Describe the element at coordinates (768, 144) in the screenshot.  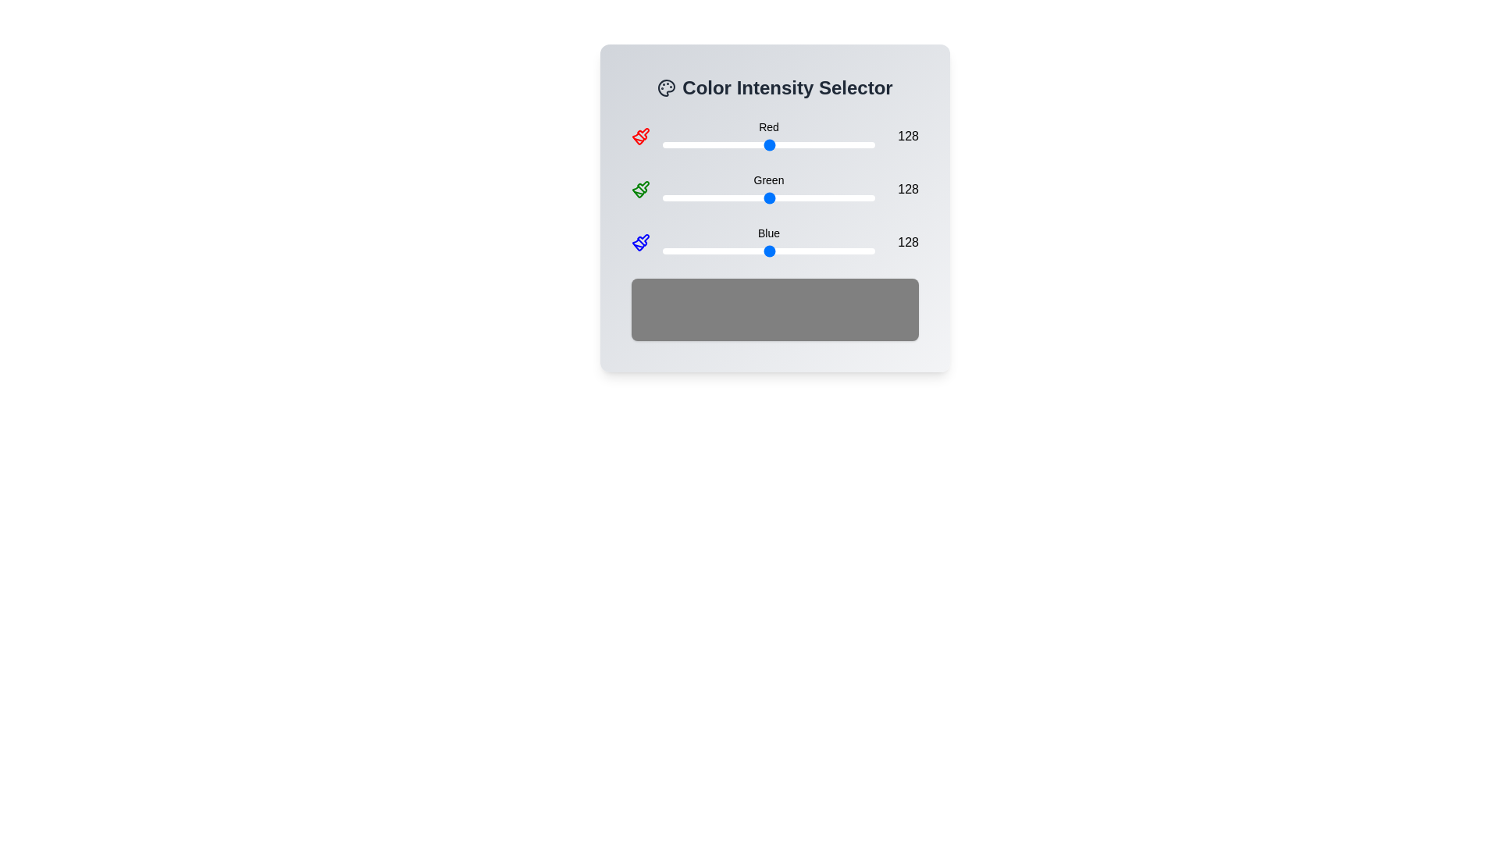
I see `the range slider for the red color component` at that location.